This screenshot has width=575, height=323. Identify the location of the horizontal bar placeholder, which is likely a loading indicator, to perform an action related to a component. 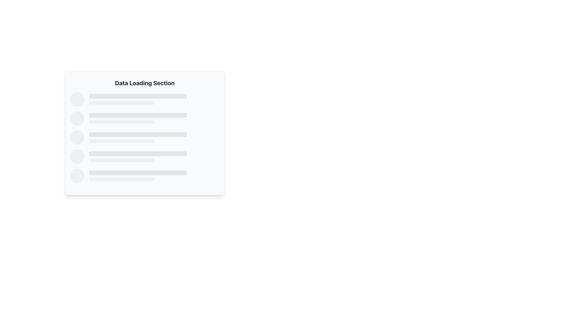
(138, 115).